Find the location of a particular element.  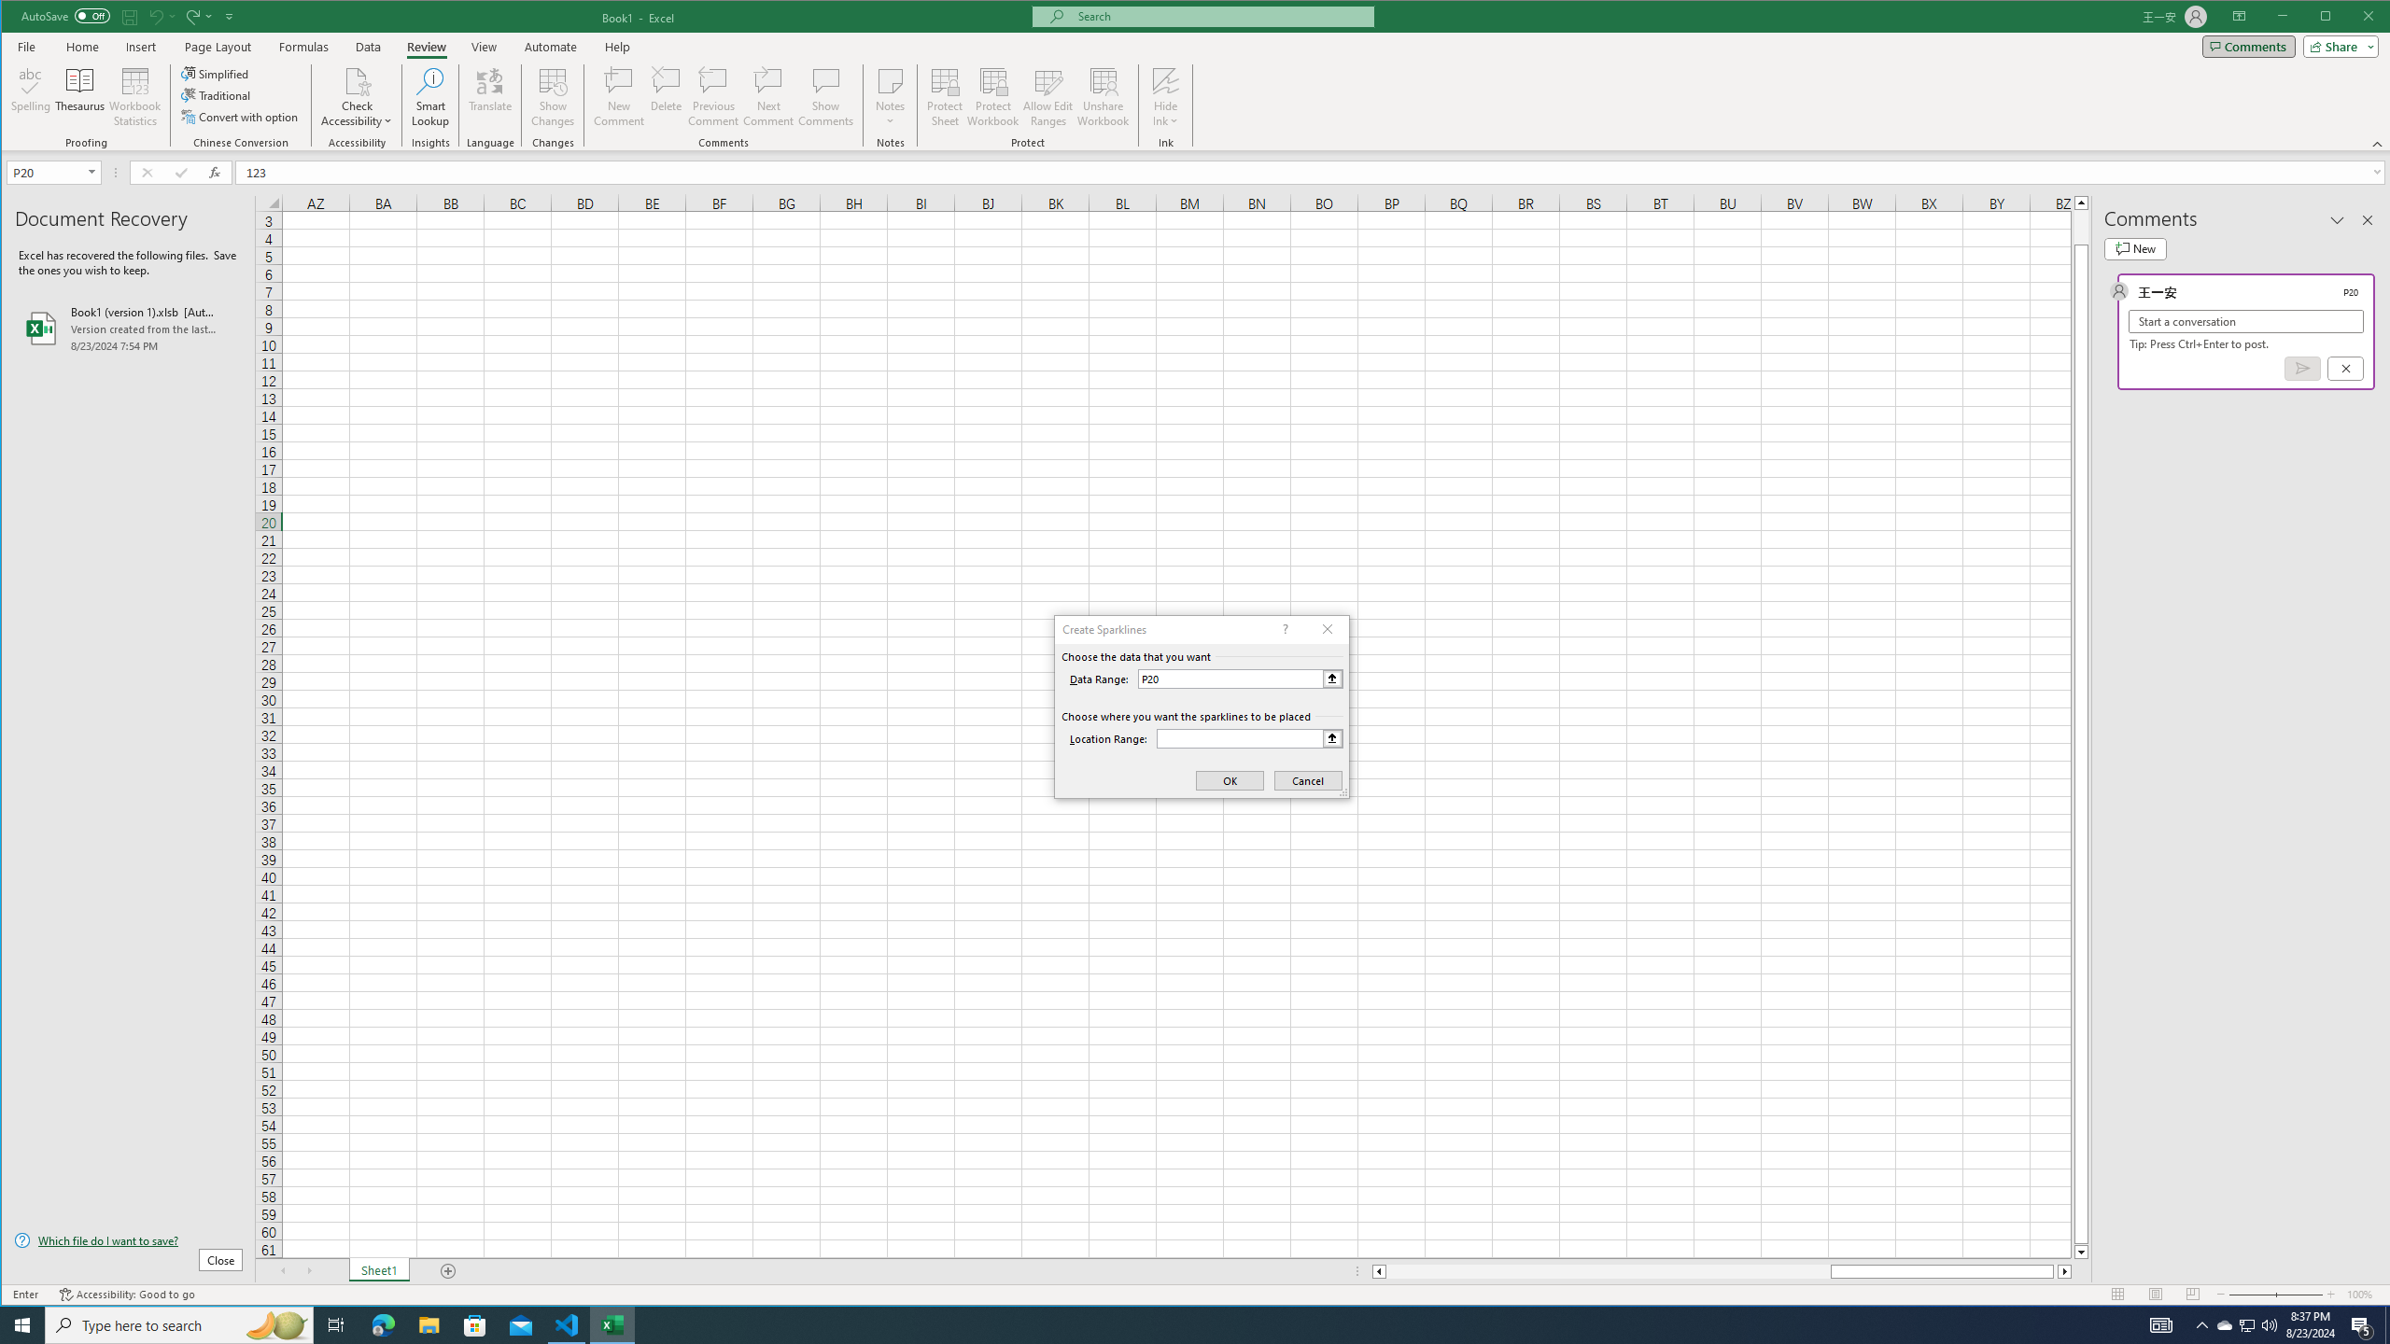

'Add Sheet' is located at coordinates (448, 1271).